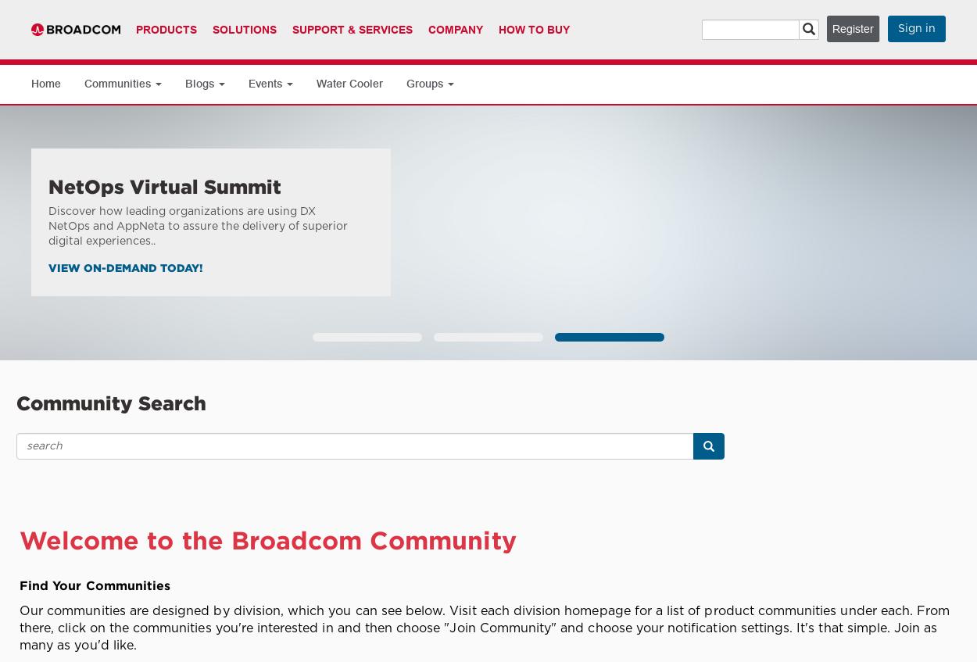 This screenshot has width=977, height=662. Describe the element at coordinates (349, 84) in the screenshot. I see `'Water Cooler'` at that location.